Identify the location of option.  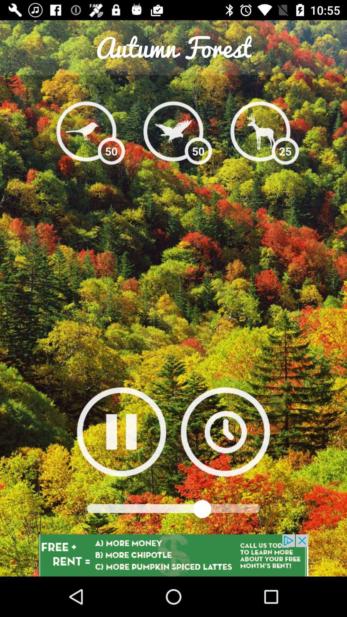
(121, 432).